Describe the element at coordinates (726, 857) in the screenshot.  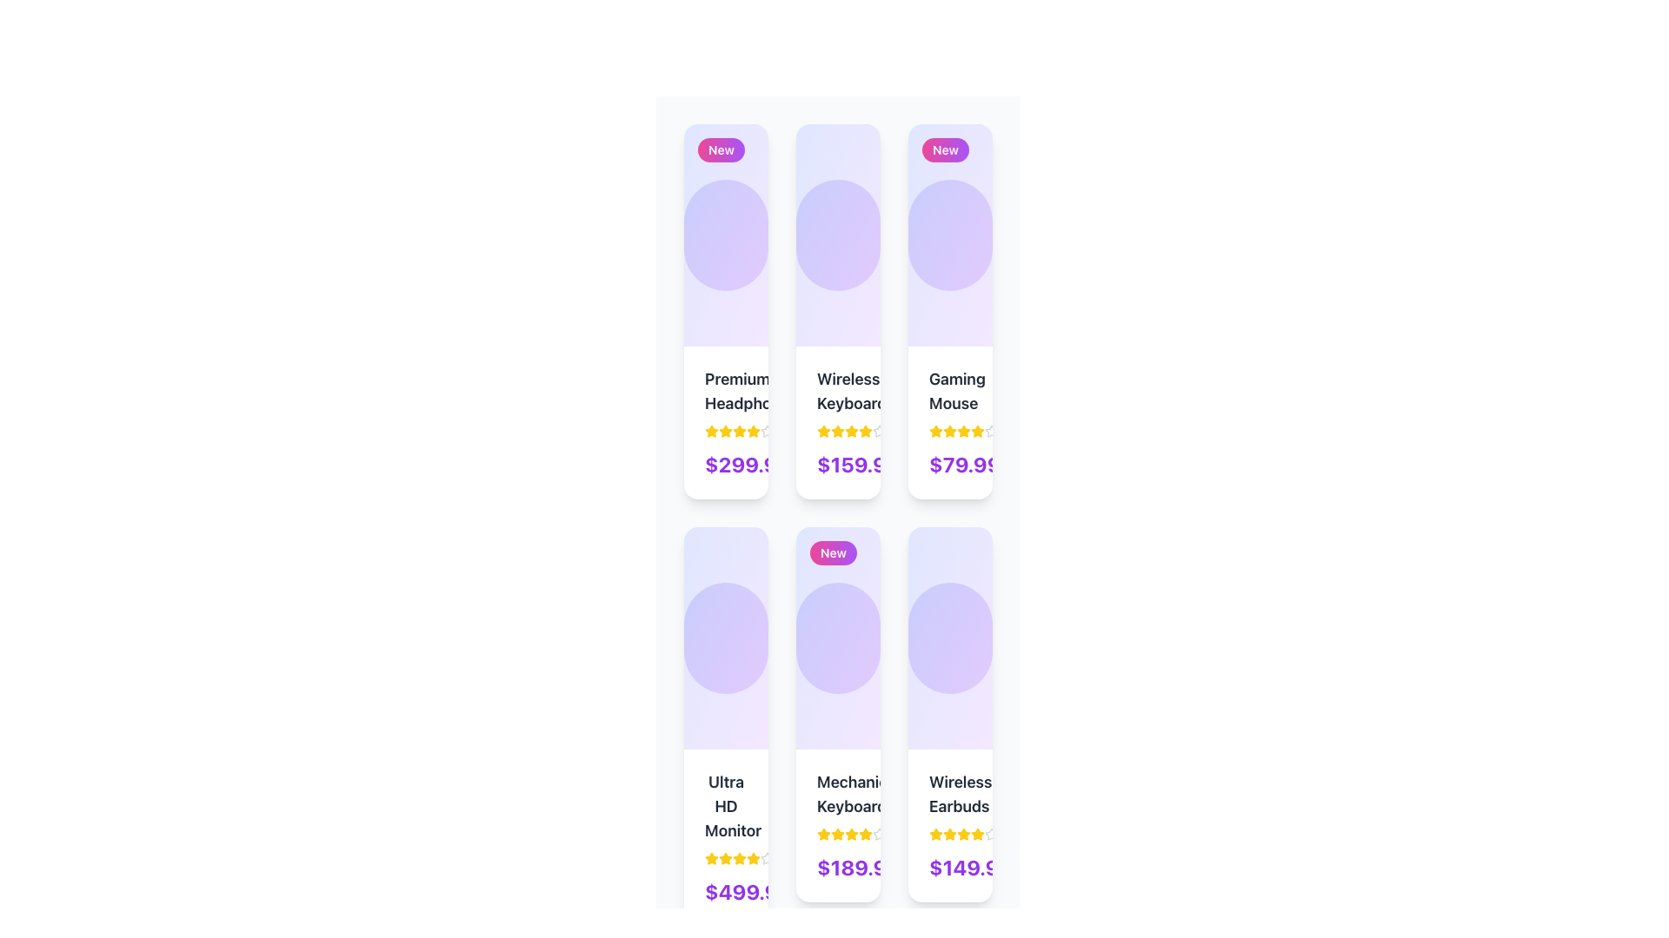
I see `the third star icon in the user rating system to rate the product` at that location.